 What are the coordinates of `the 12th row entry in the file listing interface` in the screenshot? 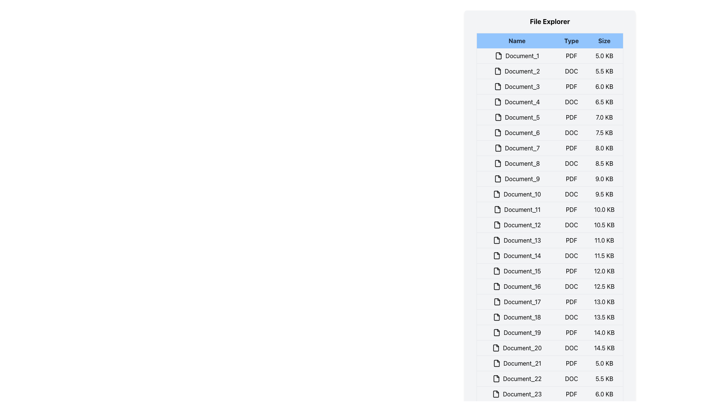 It's located at (550, 225).